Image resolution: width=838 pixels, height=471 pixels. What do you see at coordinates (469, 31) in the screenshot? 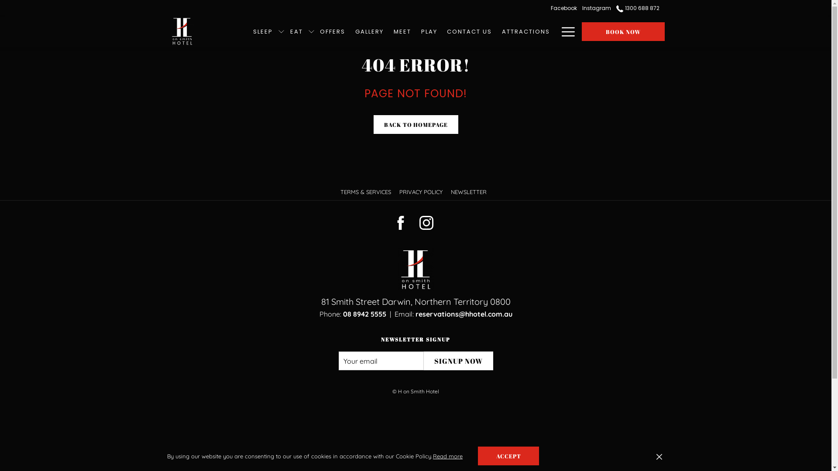
I see `'CONTACT US'` at bounding box center [469, 31].